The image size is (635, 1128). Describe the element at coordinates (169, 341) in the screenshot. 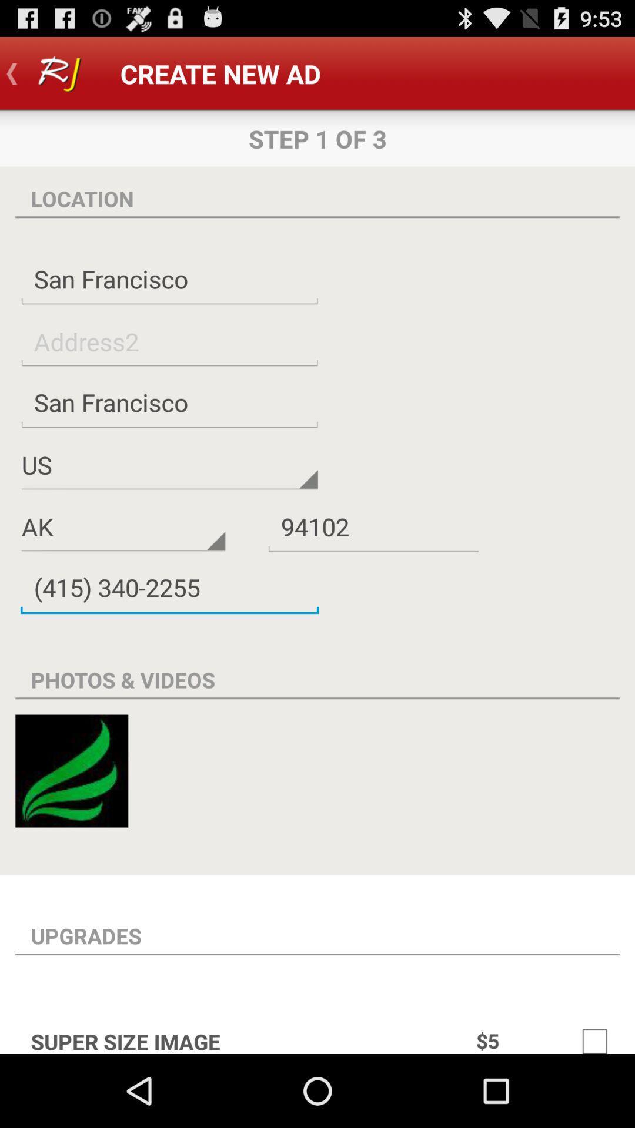

I see `address` at that location.